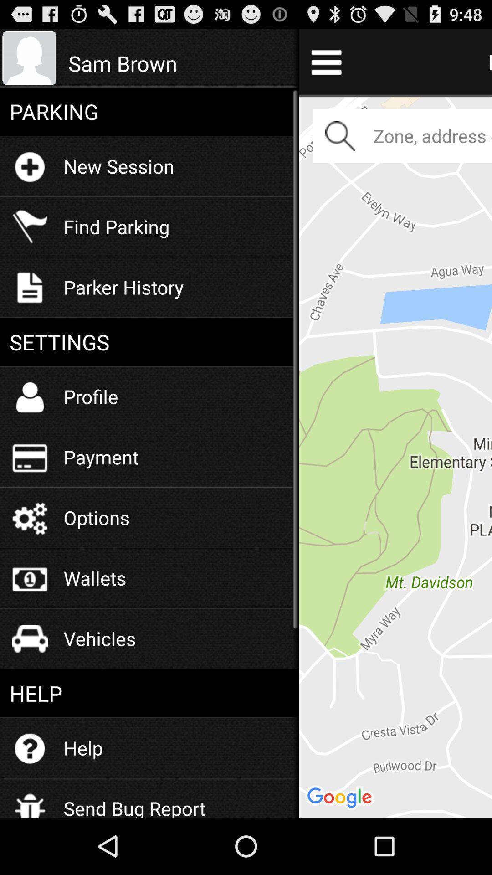 Image resolution: width=492 pixels, height=875 pixels. Describe the element at coordinates (91, 396) in the screenshot. I see `profile icon` at that location.